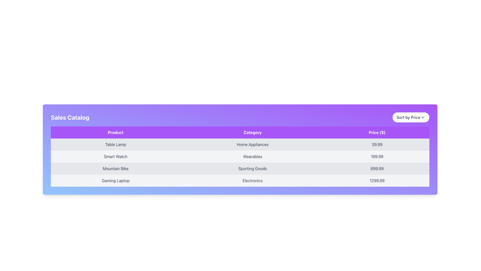  I want to click on the text label displaying the value '899.99' located in the third row of the table under the 'Price ($)' column, so click(377, 168).